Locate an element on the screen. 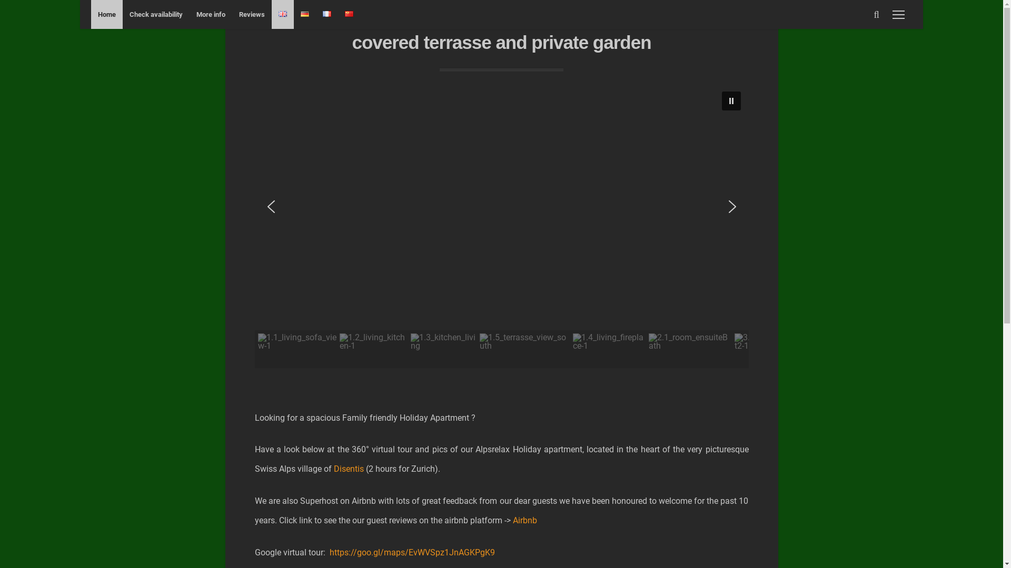 Image resolution: width=1011 pixels, height=568 pixels. 'AlpsRelax.ch' is located at coordinates (501, 24).